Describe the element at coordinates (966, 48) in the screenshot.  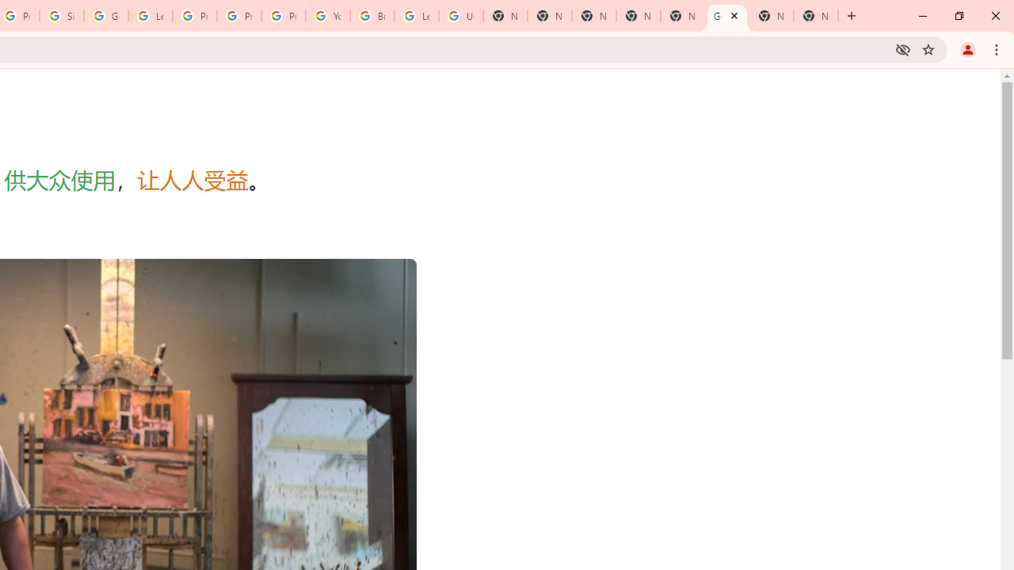
I see `'You'` at that location.